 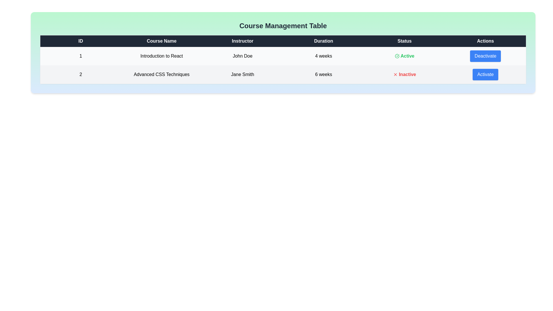 I want to click on the text display representing the instructor's name for the 'Advanced CSS Techniques' course, which is the third column entry in the second row of the course table, so click(x=243, y=74).